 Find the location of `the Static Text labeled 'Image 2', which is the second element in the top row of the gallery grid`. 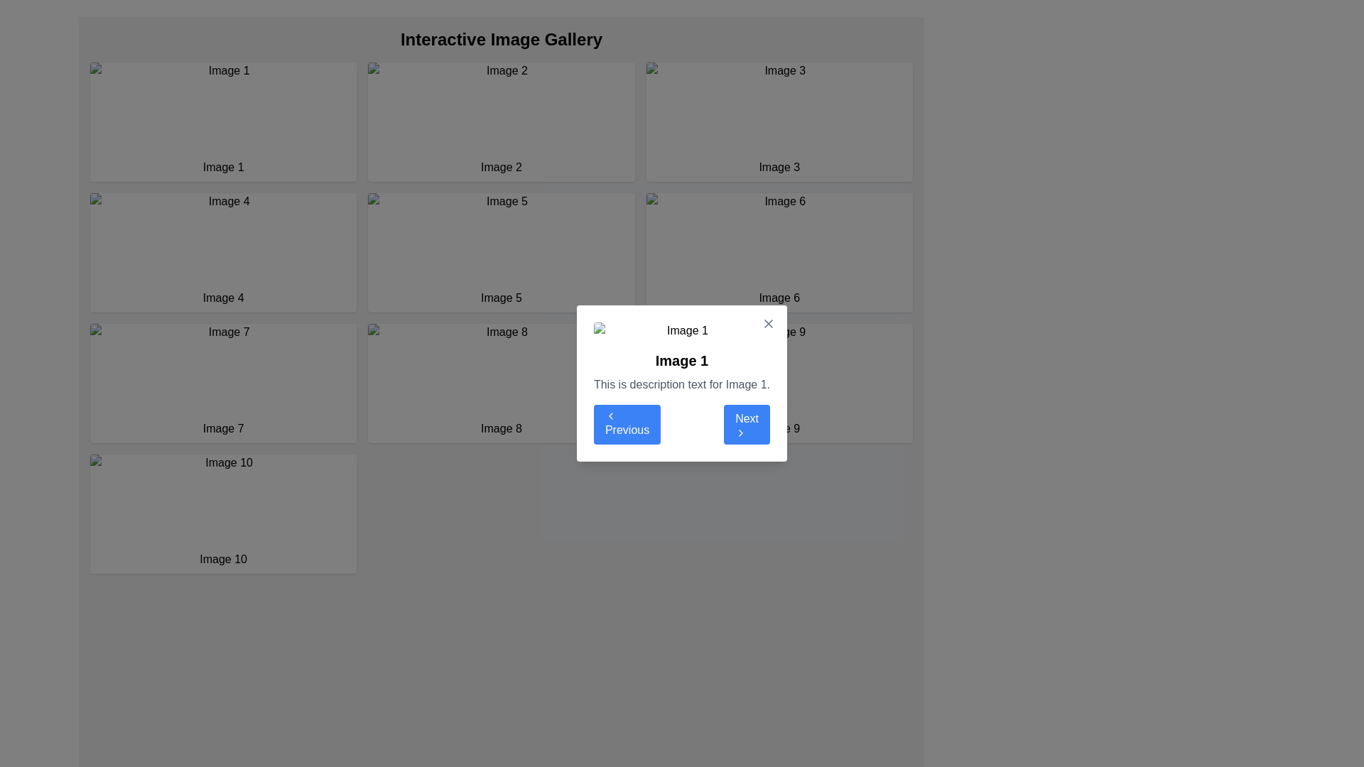

the Static Text labeled 'Image 2', which is the second element in the top row of the gallery grid is located at coordinates (501, 166).